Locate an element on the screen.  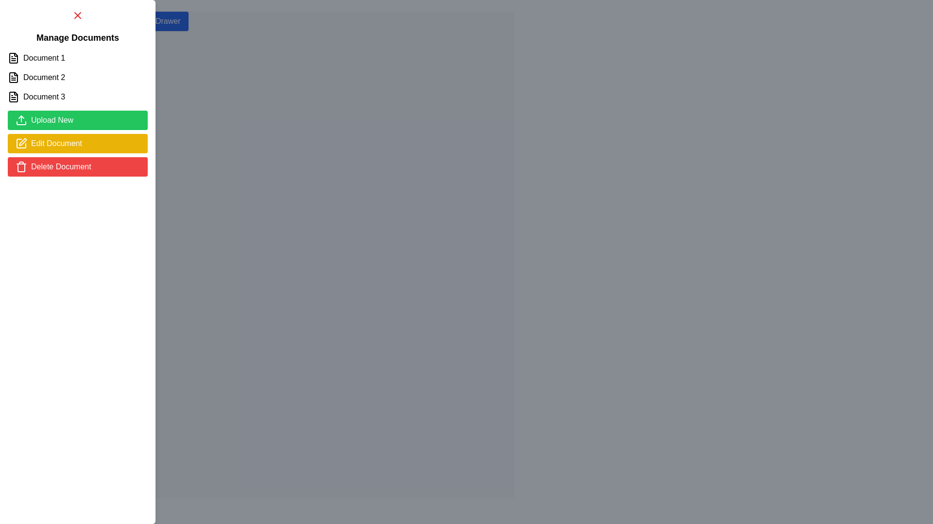
the 'X' icon, which is a diagonal line graphic with a black stroke is located at coordinates (77, 15).